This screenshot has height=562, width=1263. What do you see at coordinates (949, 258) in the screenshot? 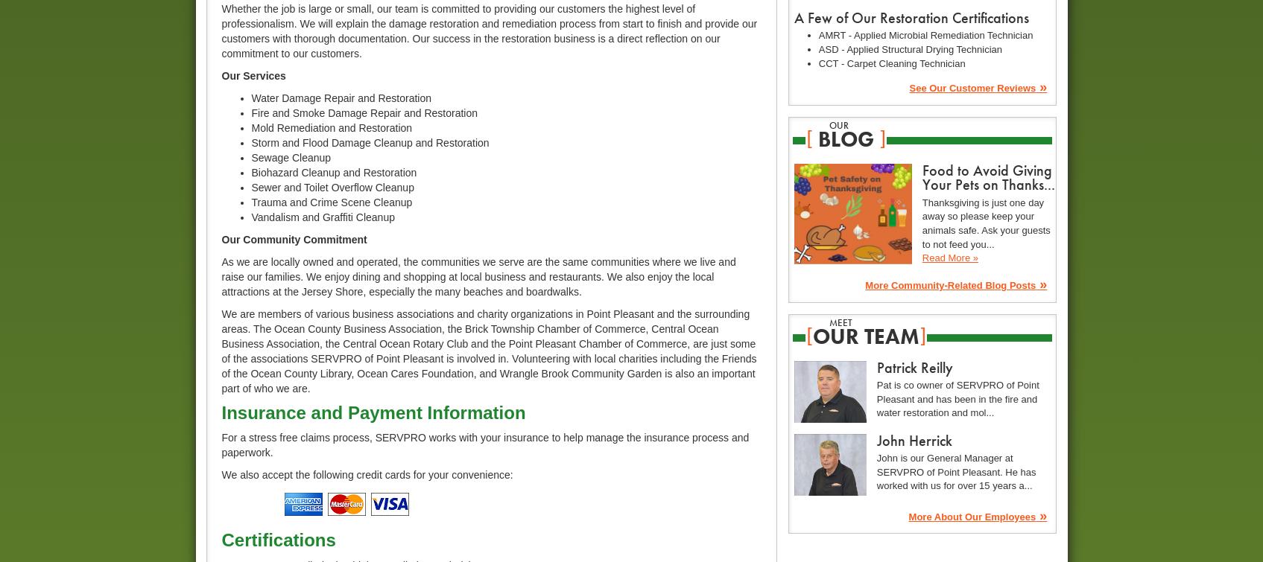
I see `'Read More »'` at bounding box center [949, 258].